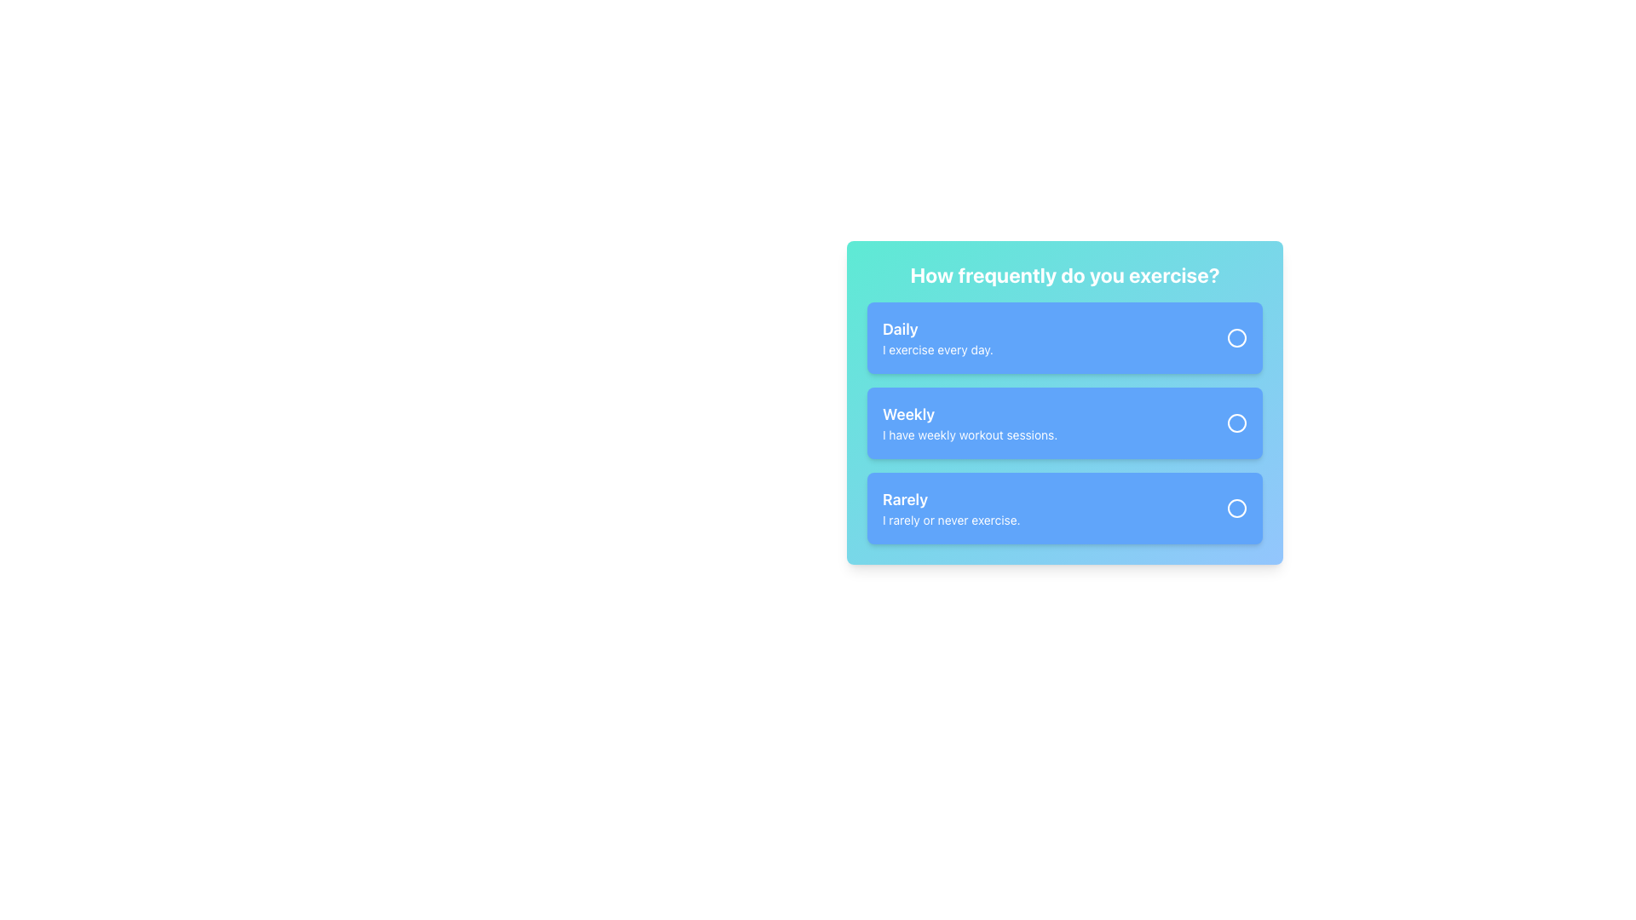 This screenshot has height=920, width=1636. I want to click on the third option button indicating rare or no exercise, located below the 'Daily' and 'Weekly' buttons, so click(1063, 508).